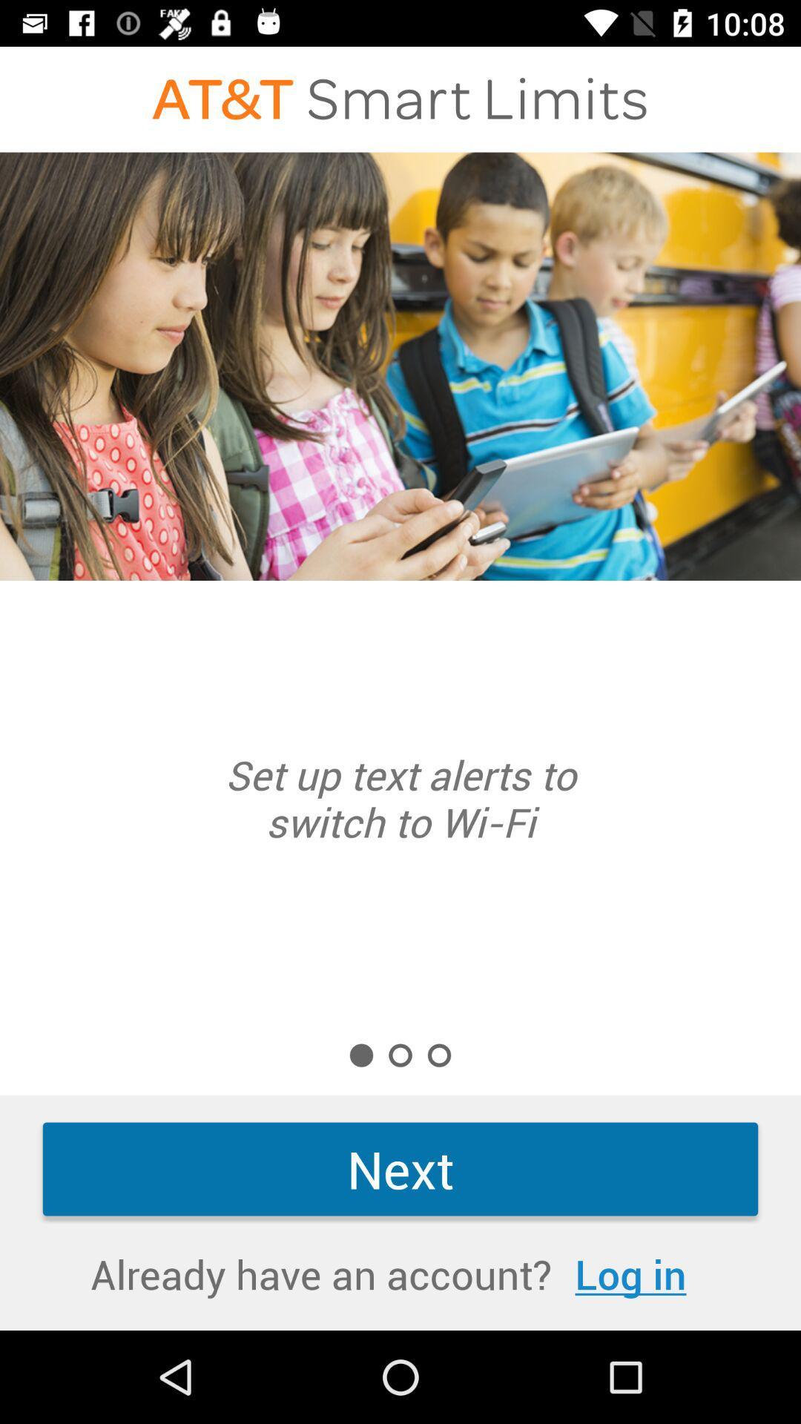  I want to click on the icon at the bottom right corner, so click(630, 1273).